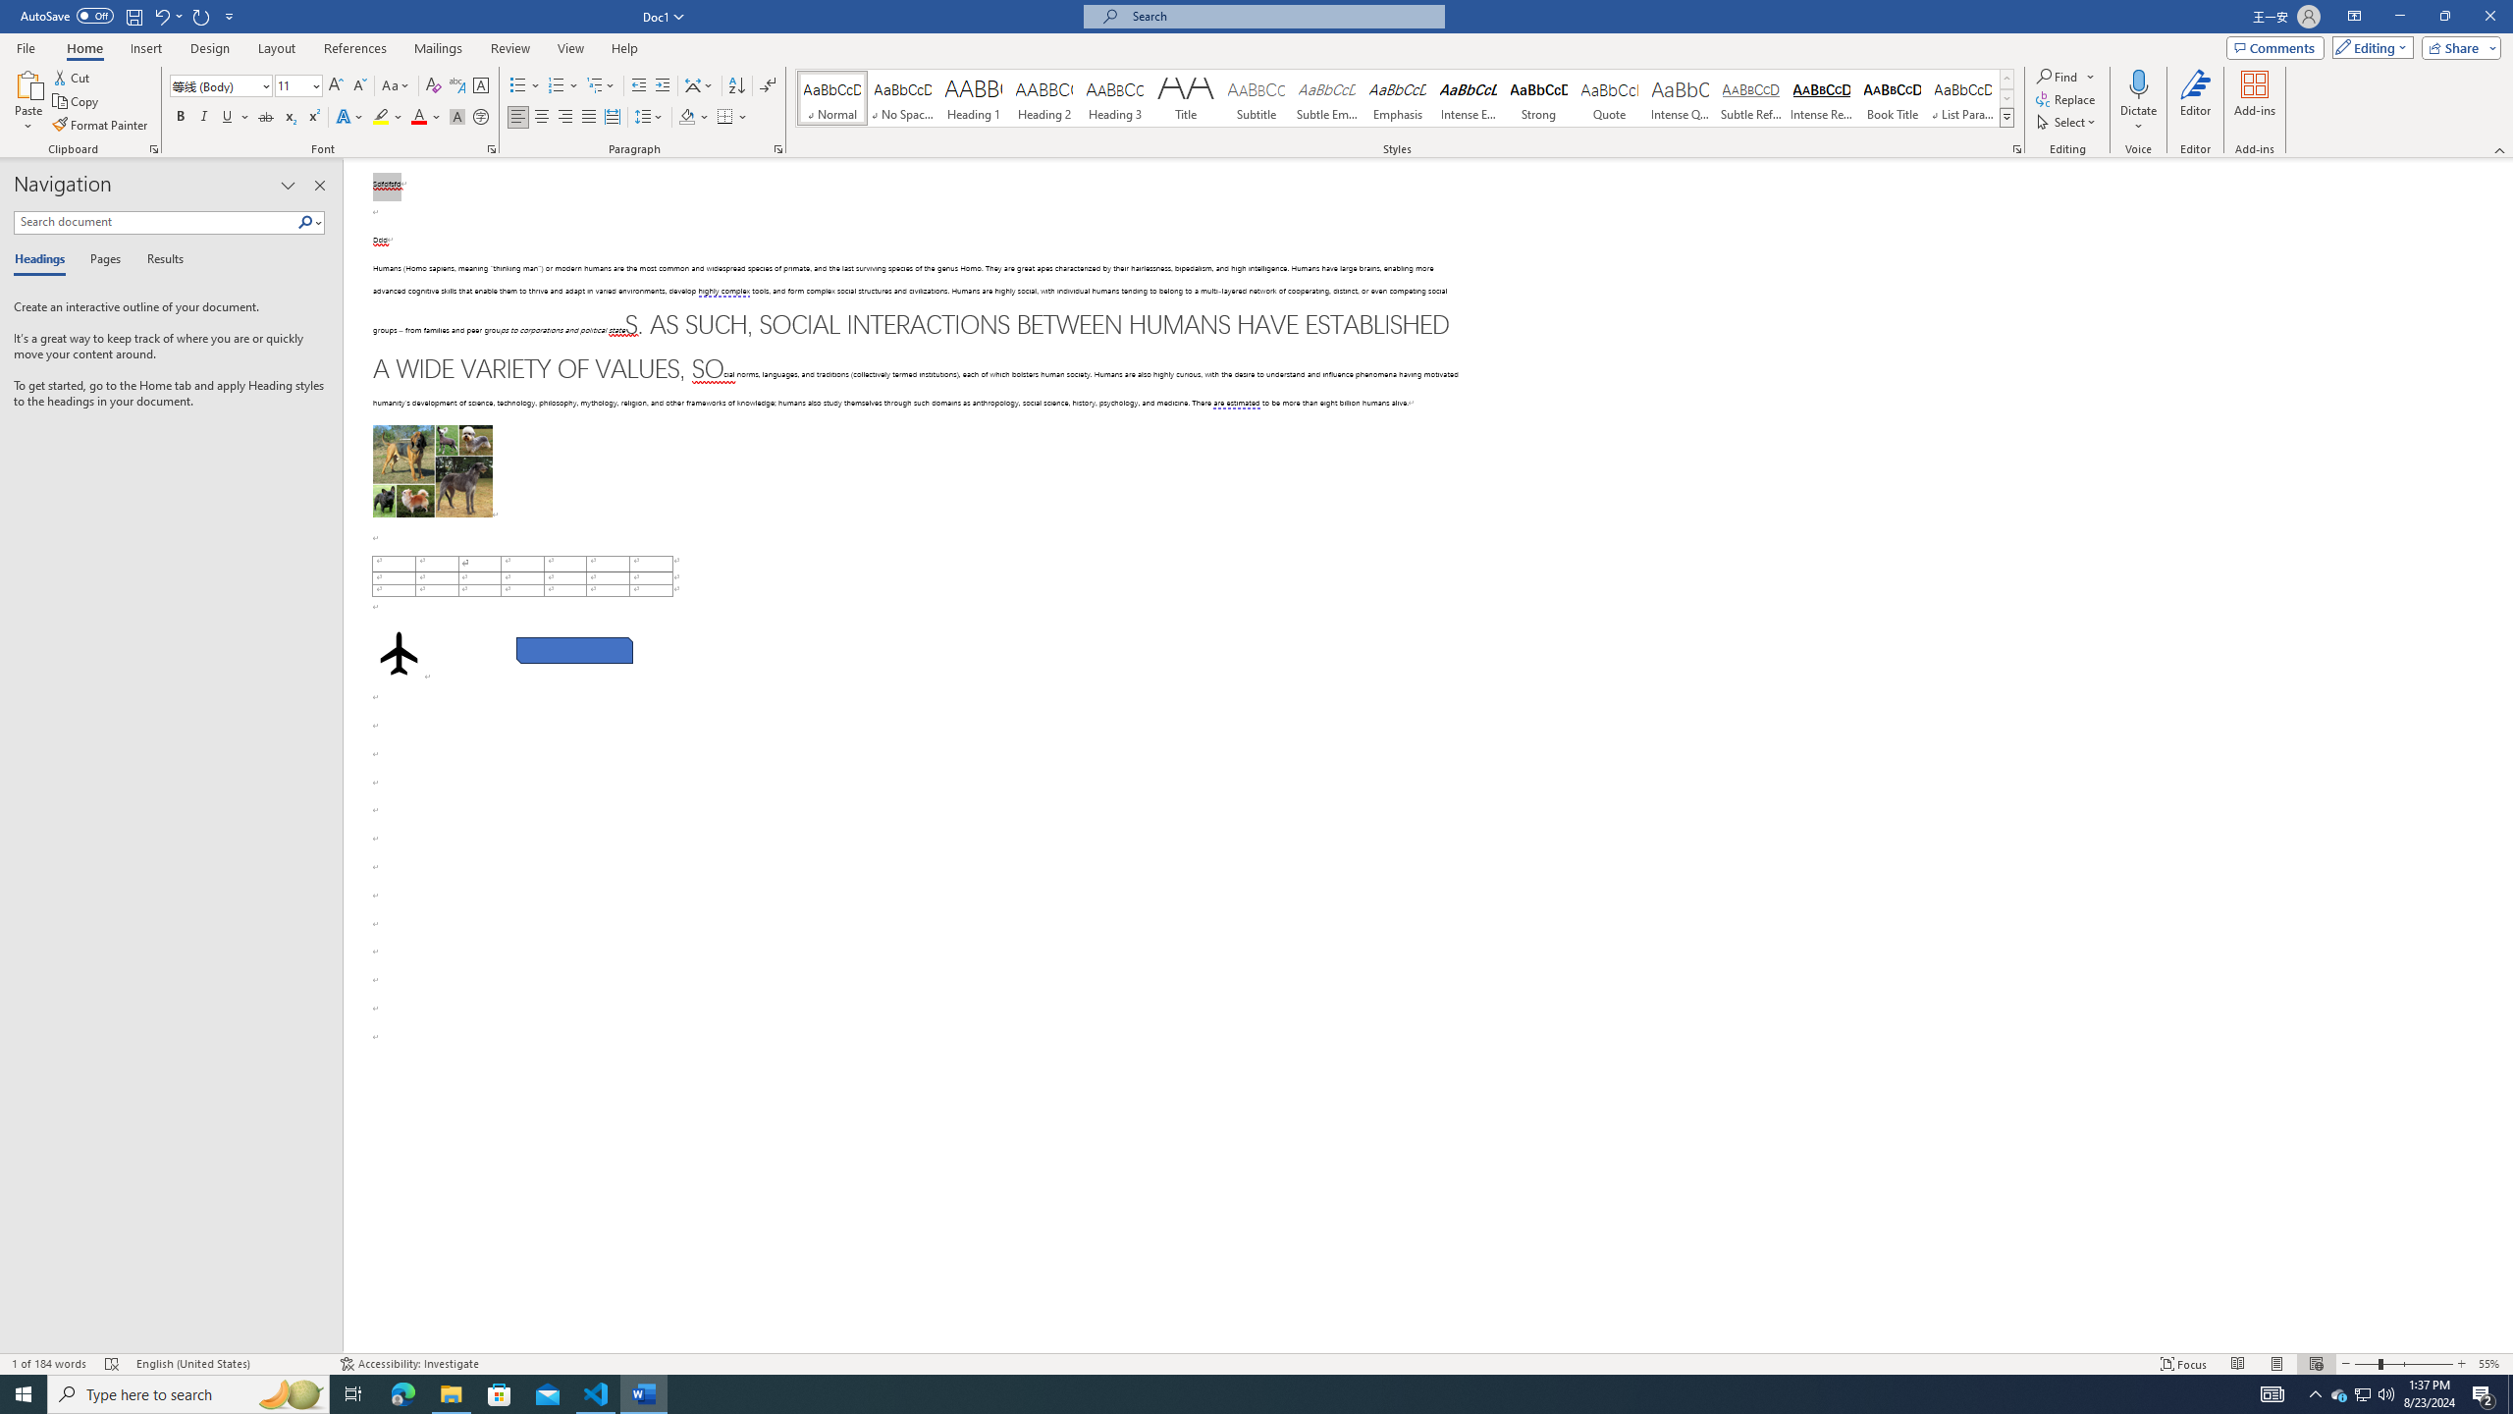 The width and height of the screenshot is (2513, 1414). Describe the element at coordinates (2005, 117) in the screenshot. I see `'Class: NetUIImage'` at that location.